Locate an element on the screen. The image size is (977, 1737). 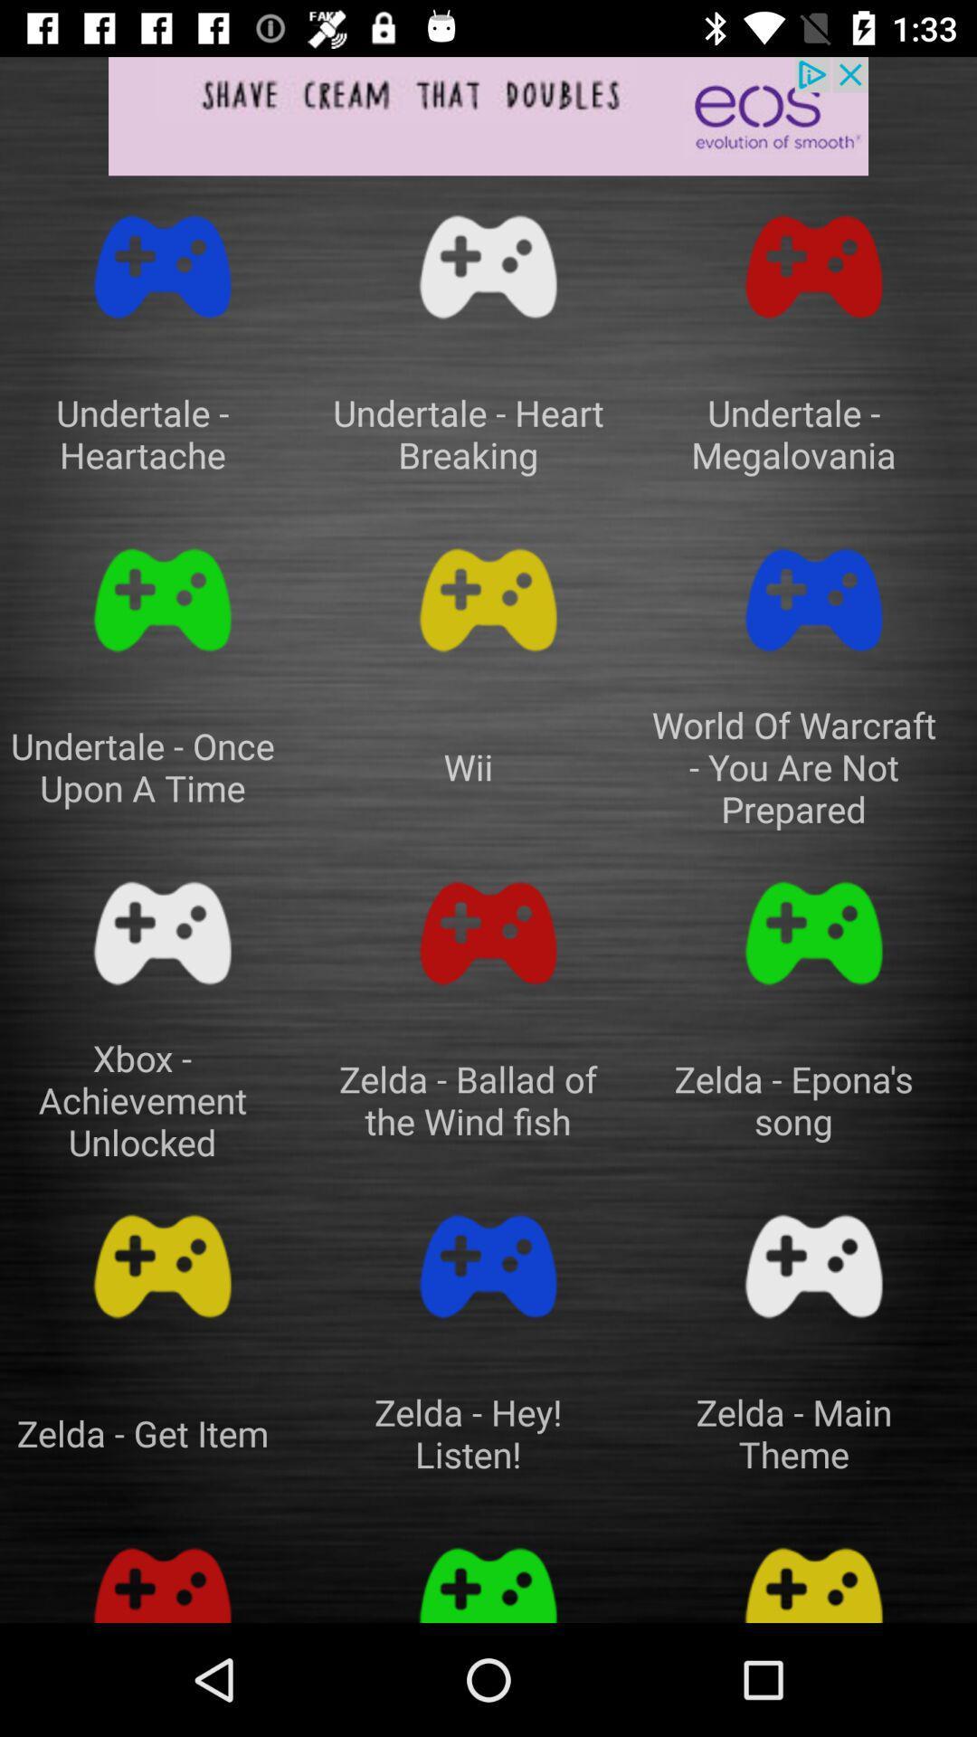
play game is located at coordinates (812, 600).